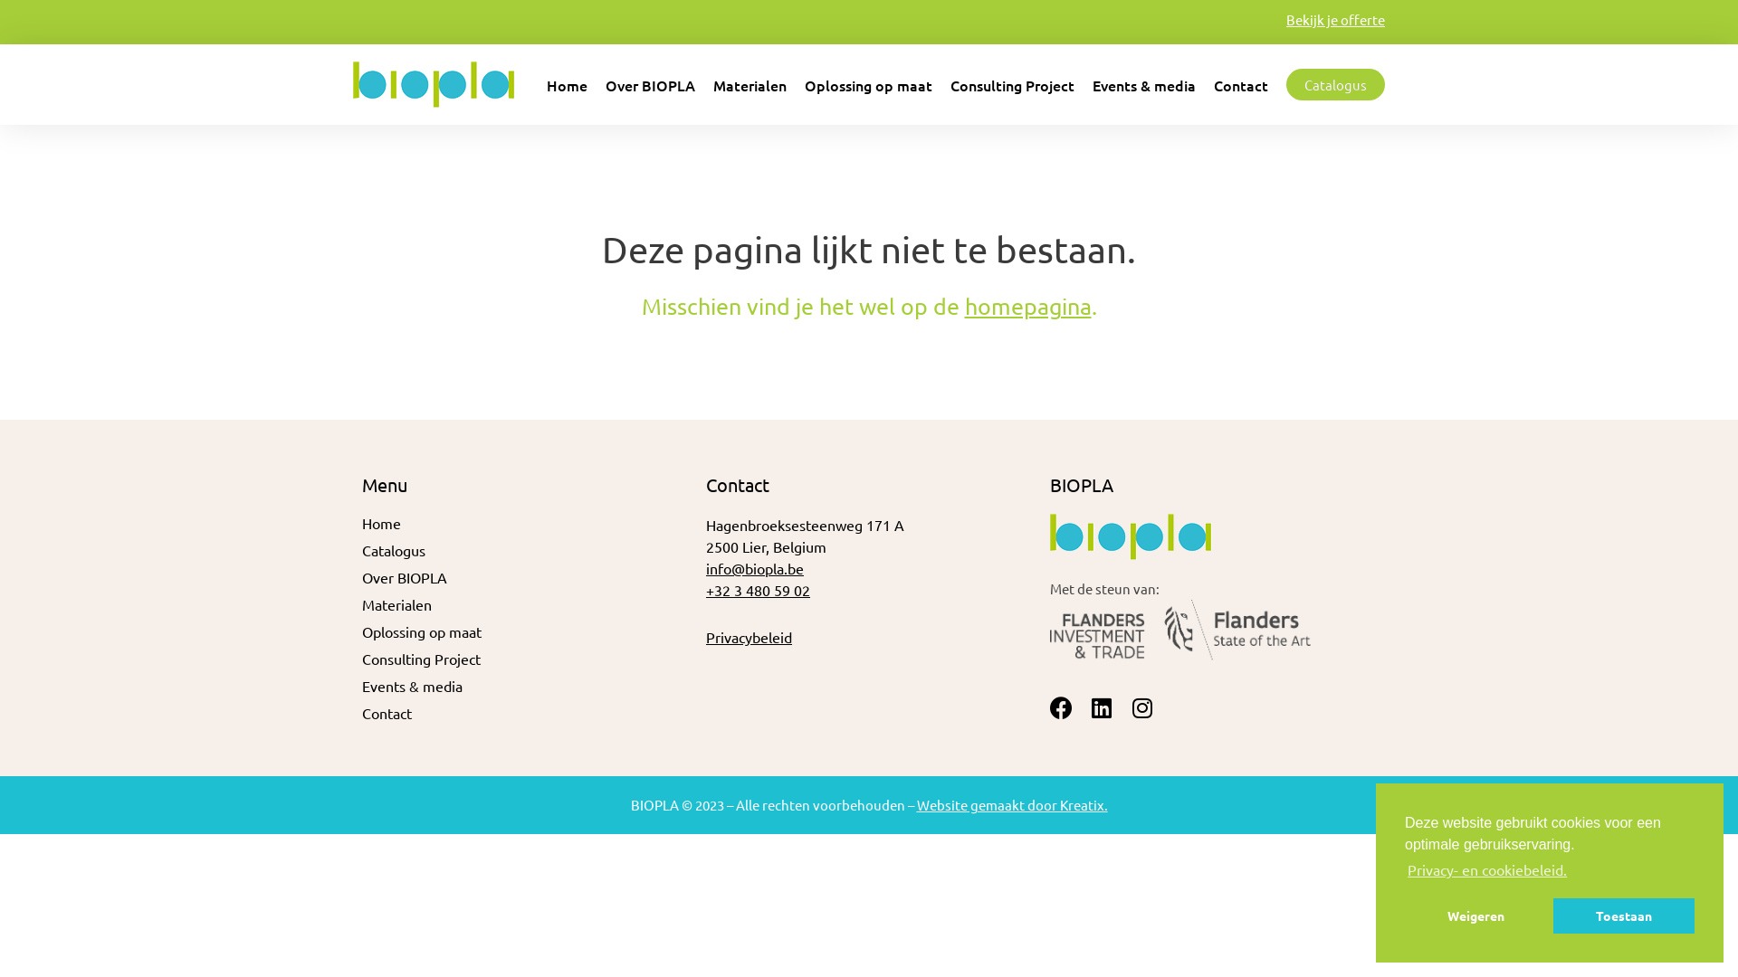  I want to click on 'Privacybeleid', so click(749, 636).